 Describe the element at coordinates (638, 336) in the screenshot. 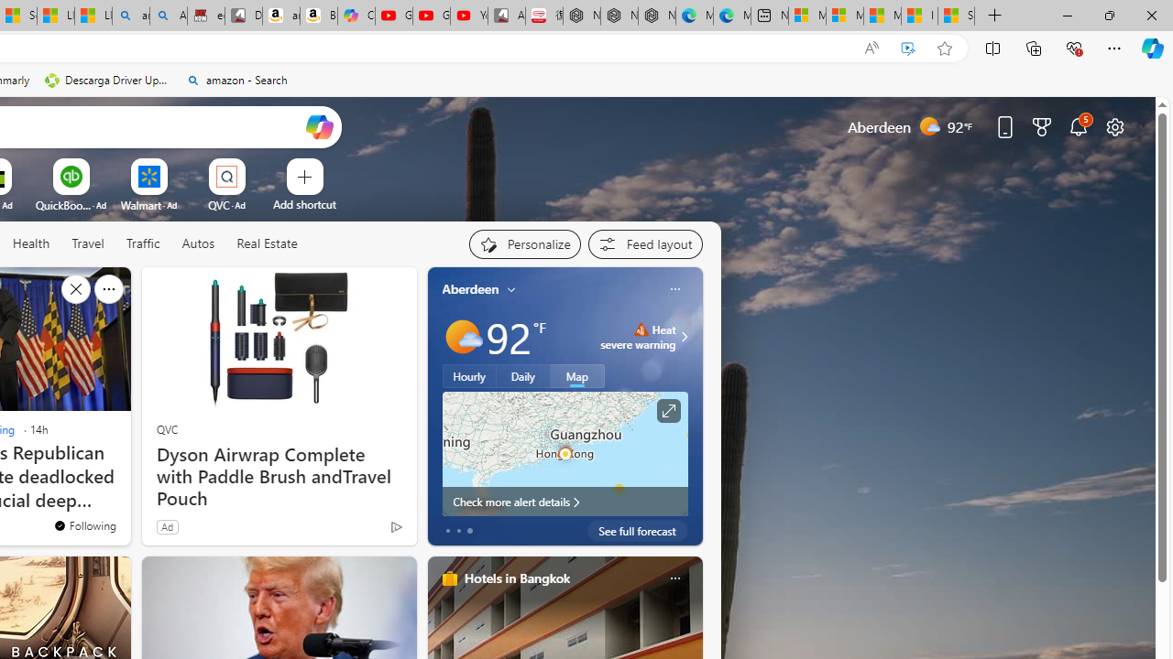

I see `'Heat - Severe Heat severe warning'` at that location.